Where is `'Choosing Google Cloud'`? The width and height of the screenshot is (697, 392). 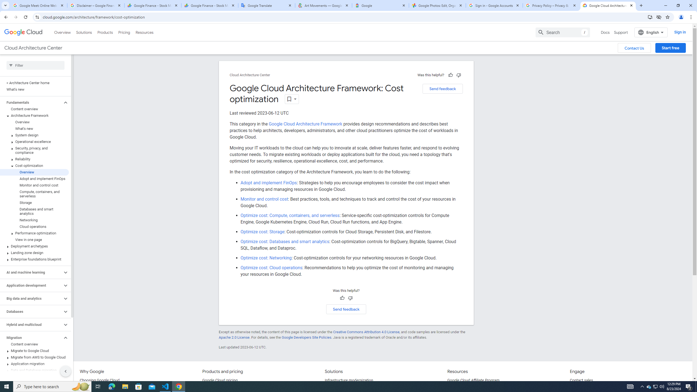 'Choosing Google Cloud' is located at coordinates (100, 380).